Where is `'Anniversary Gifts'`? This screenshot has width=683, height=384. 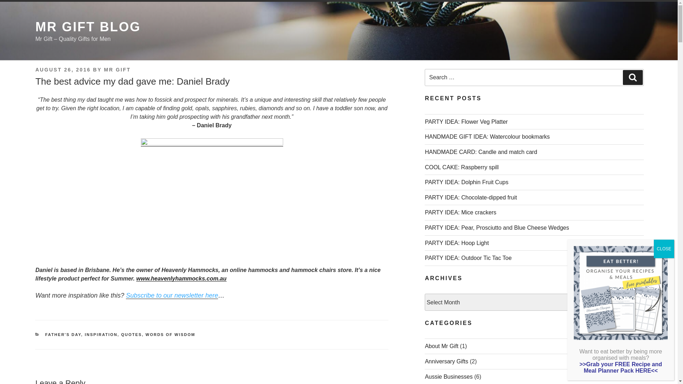
'Anniversary Gifts' is located at coordinates (425, 361).